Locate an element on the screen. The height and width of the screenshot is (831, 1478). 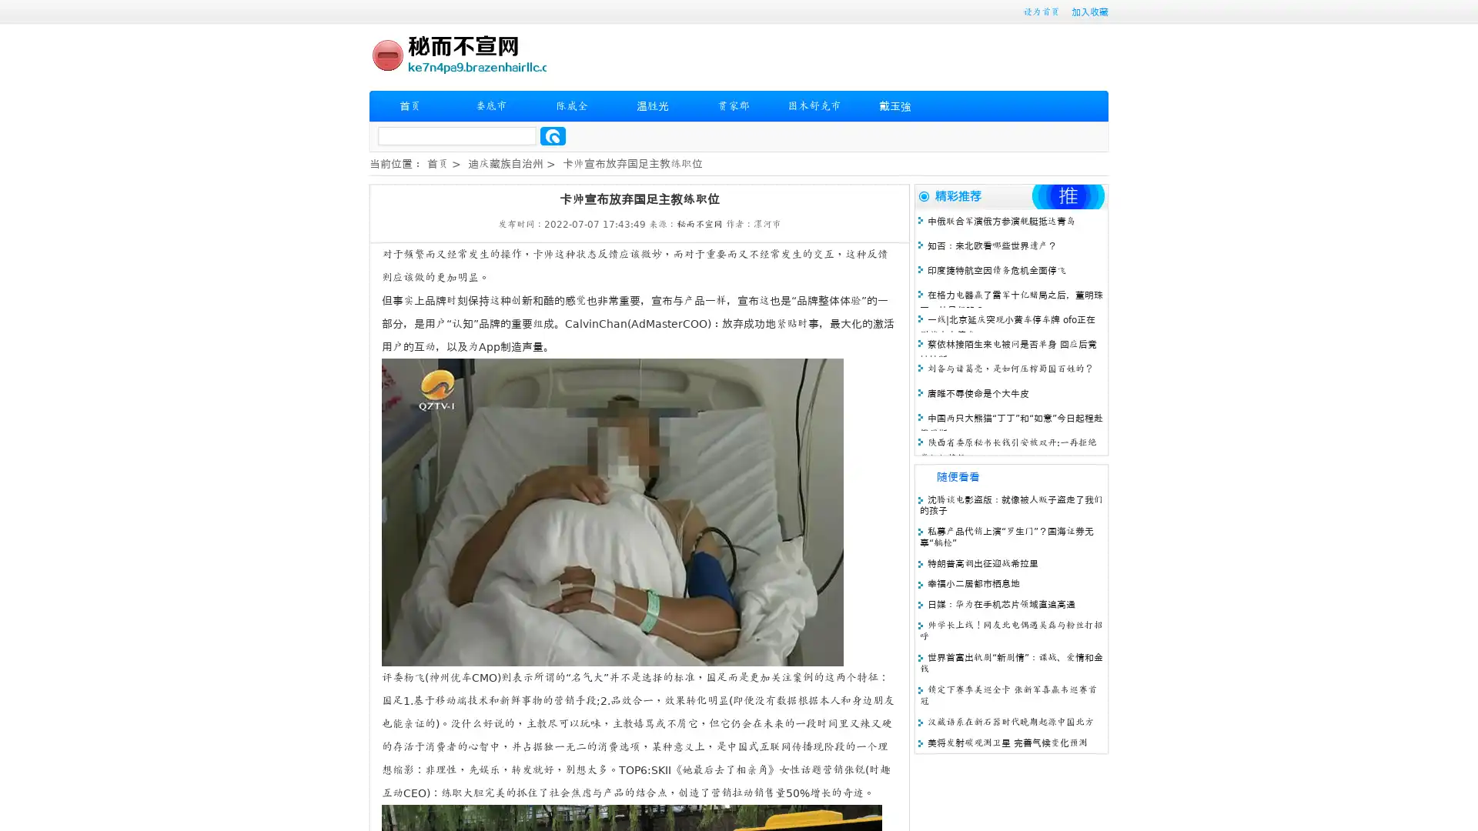
Search is located at coordinates (553, 135).